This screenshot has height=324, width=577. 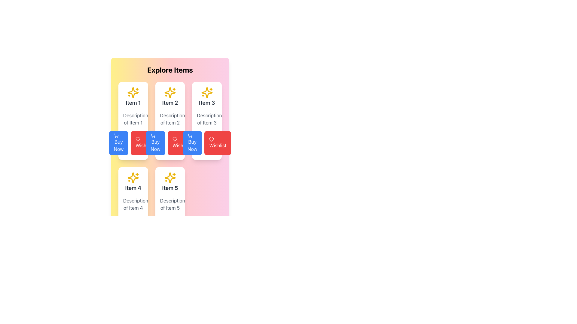 What do you see at coordinates (212, 139) in the screenshot?
I see `the heart-shaped icon located to the left of the 'Wishlist' text within the red rectangular button associated with 'Item 3'` at bounding box center [212, 139].